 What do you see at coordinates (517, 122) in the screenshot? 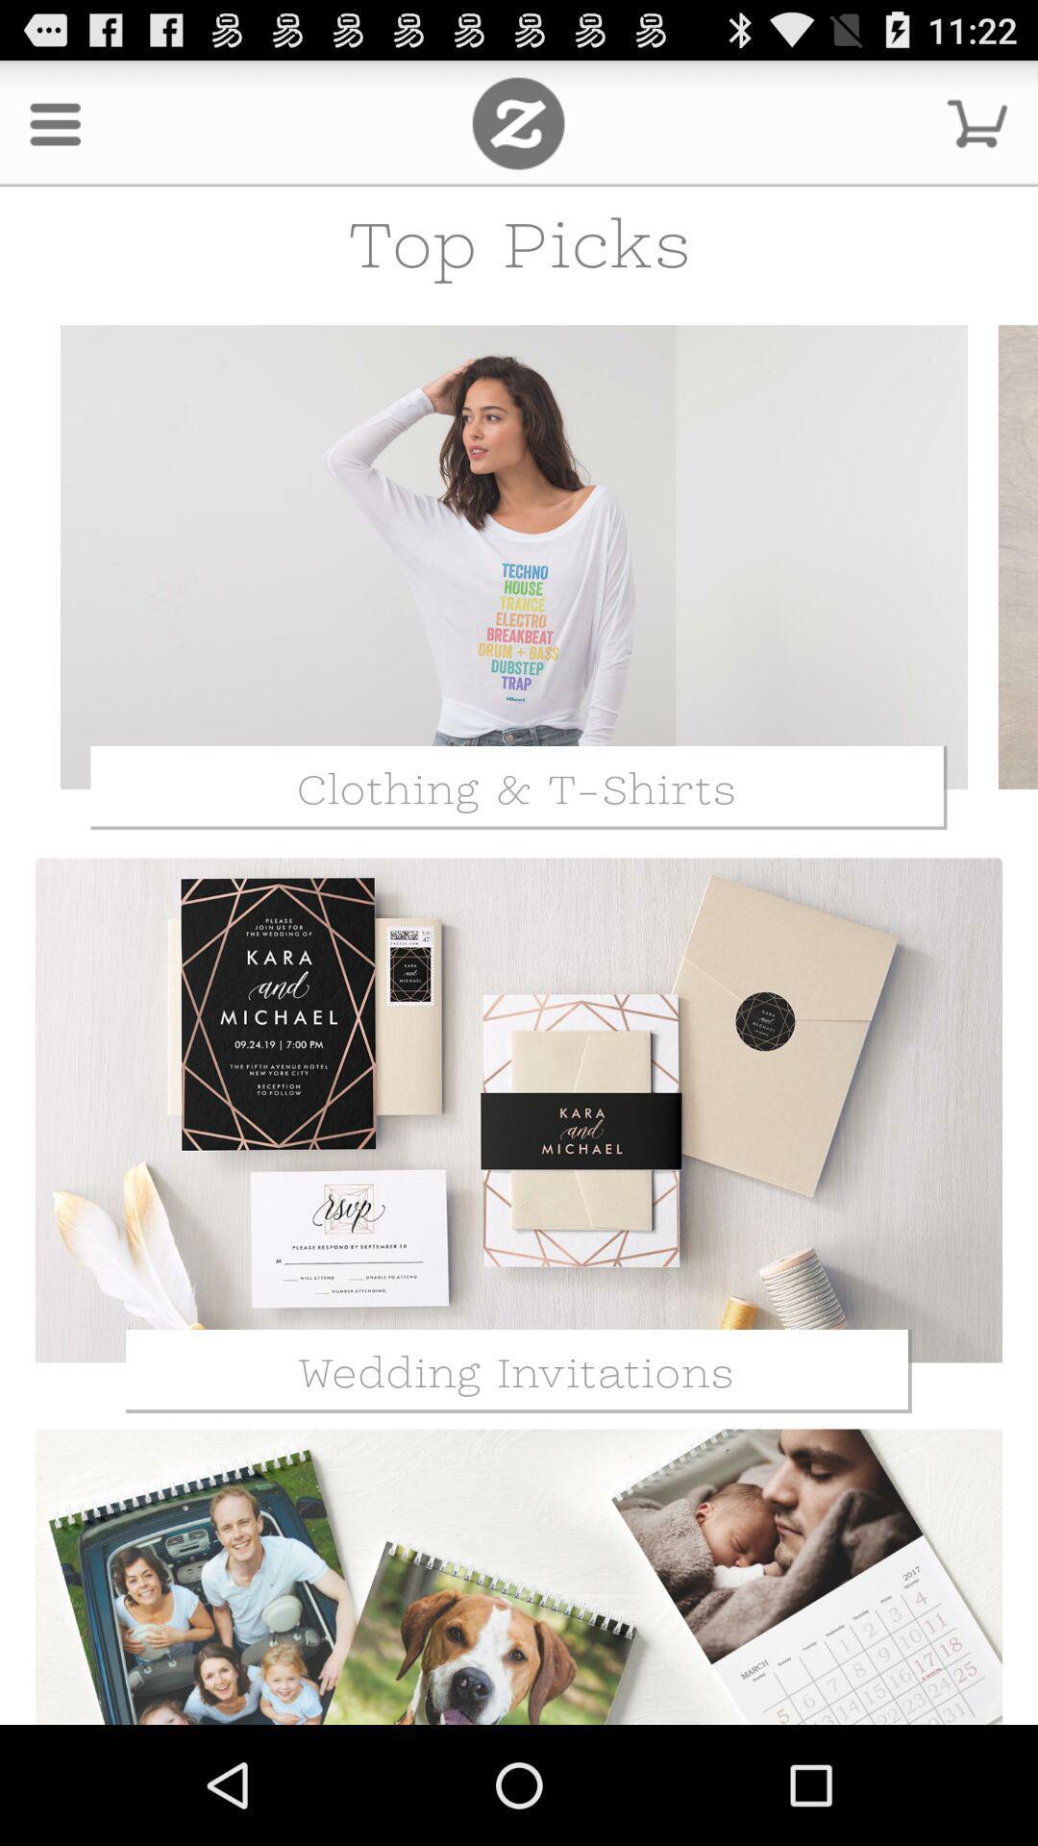
I see `main menu button` at bounding box center [517, 122].